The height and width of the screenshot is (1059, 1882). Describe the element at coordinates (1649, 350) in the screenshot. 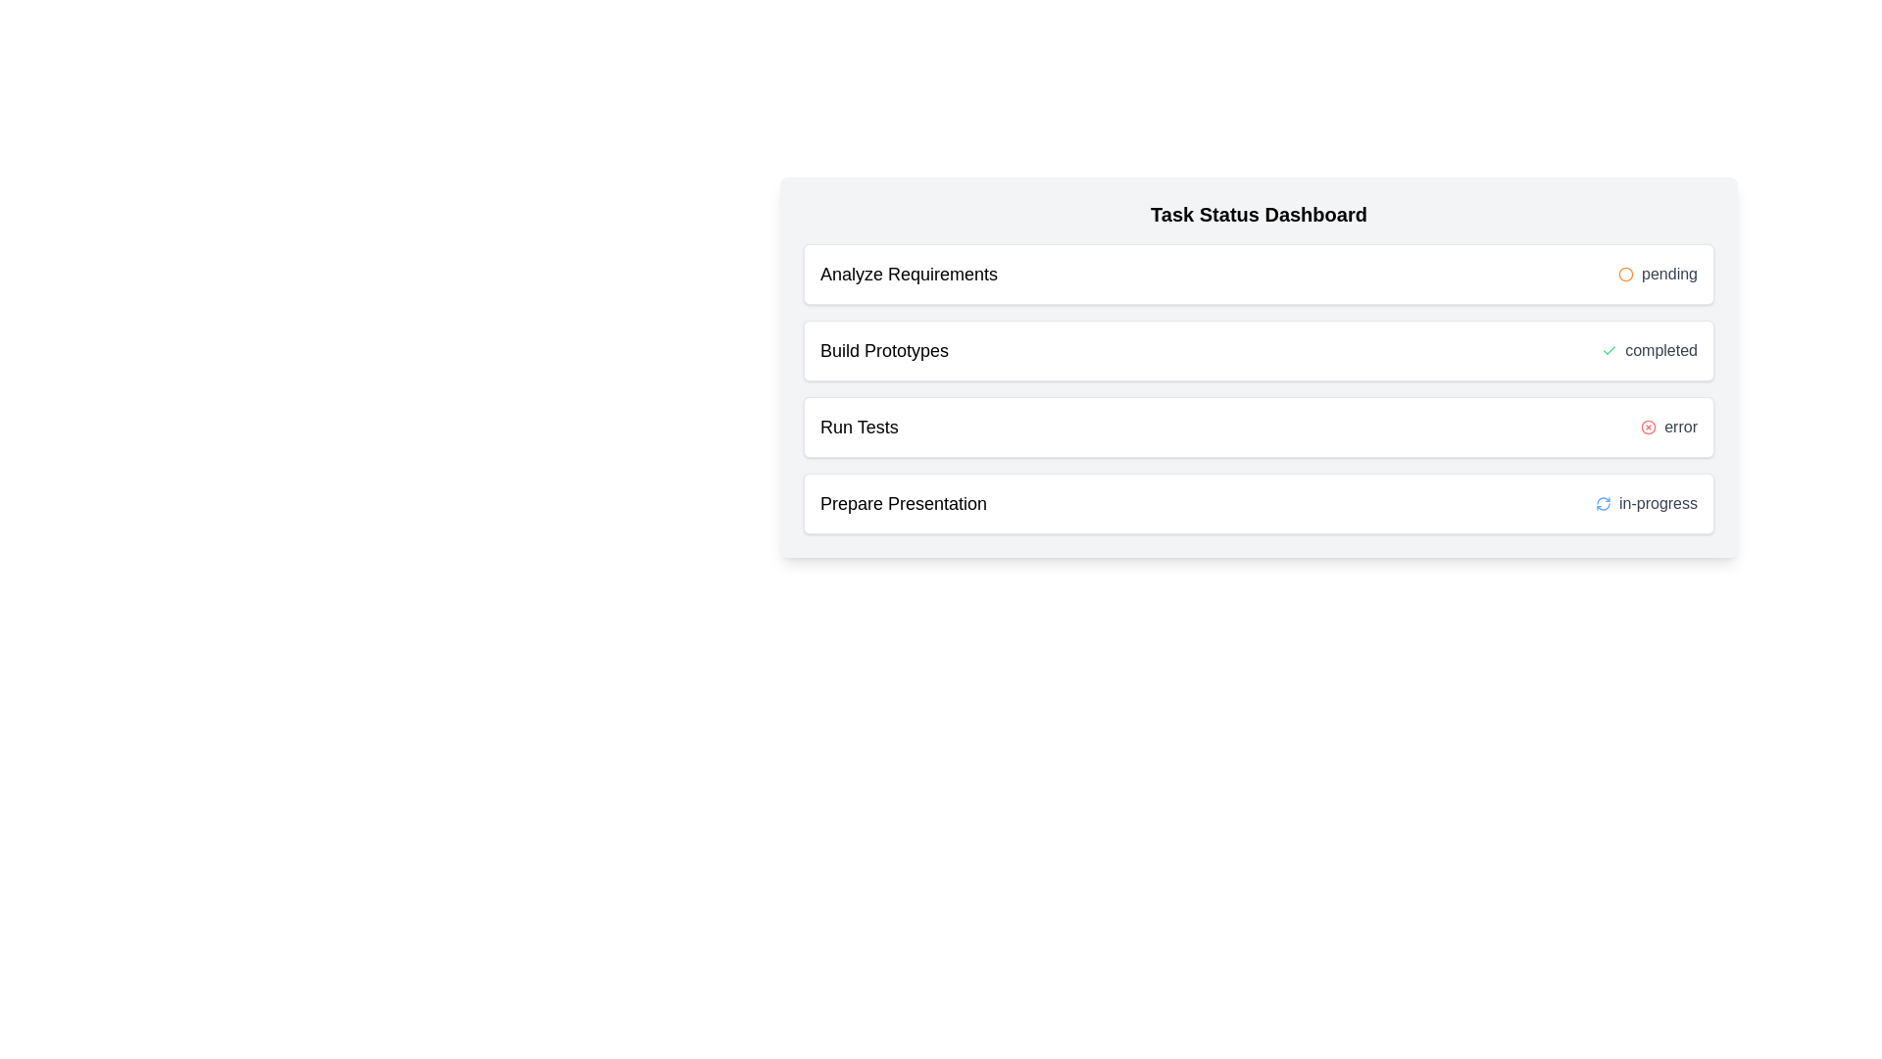

I see `the label with a green checkmark icon indicating 'completed' status, located in the second row of the task list under 'Build Prototypes'` at that location.